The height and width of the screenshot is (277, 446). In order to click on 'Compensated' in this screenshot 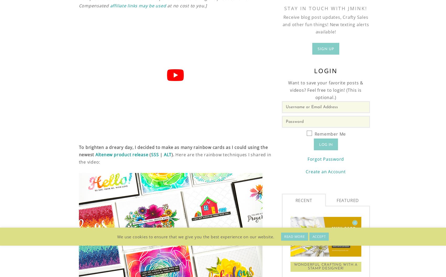, I will do `click(79, 6)`.